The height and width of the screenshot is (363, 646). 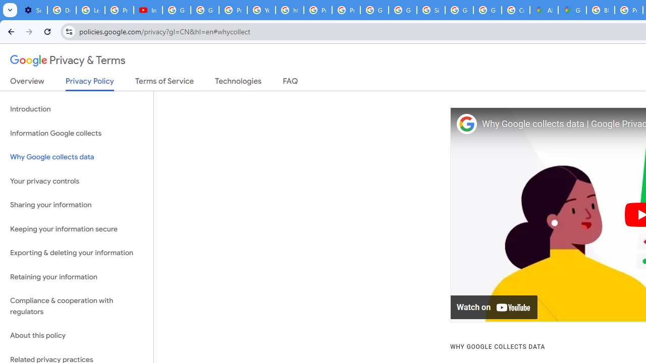 What do you see at coordinates (601, 10) in the screenshot?
I see `'Blogger Policies and Guidelines - Transparency Center'` at bounding box center [601, 10].